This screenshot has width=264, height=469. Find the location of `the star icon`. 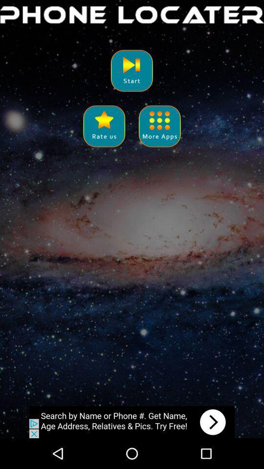

the star icon is located at coordinates (104, 134).